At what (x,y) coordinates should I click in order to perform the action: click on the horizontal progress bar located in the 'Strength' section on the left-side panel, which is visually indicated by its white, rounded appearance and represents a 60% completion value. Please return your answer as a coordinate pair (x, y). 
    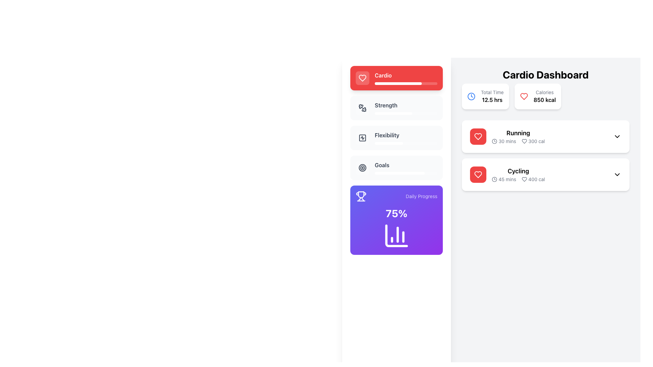
    Looking at the image, I should click on (394, 113).